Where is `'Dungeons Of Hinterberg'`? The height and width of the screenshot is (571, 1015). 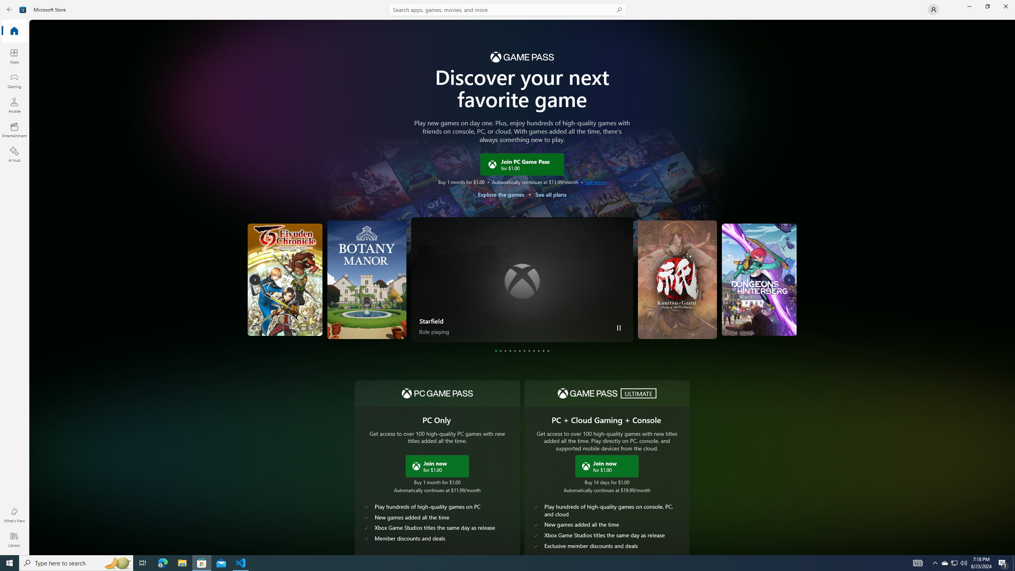
'Dungeons Of Hinterberg' is located at coordinates (728, 279).